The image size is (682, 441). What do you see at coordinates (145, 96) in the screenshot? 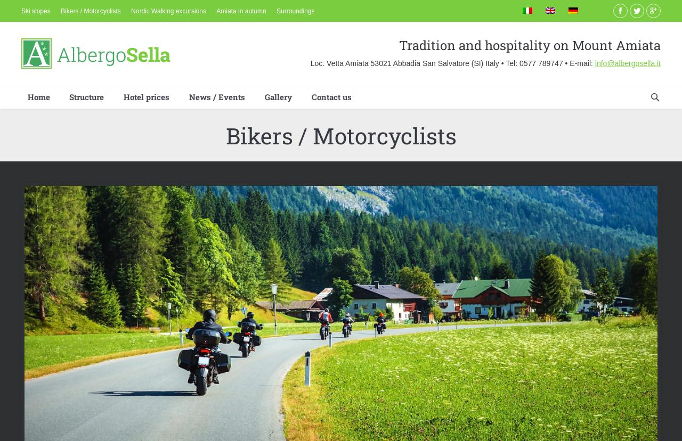
I see `'Hotel prices'` at bounding box center [145, 96].